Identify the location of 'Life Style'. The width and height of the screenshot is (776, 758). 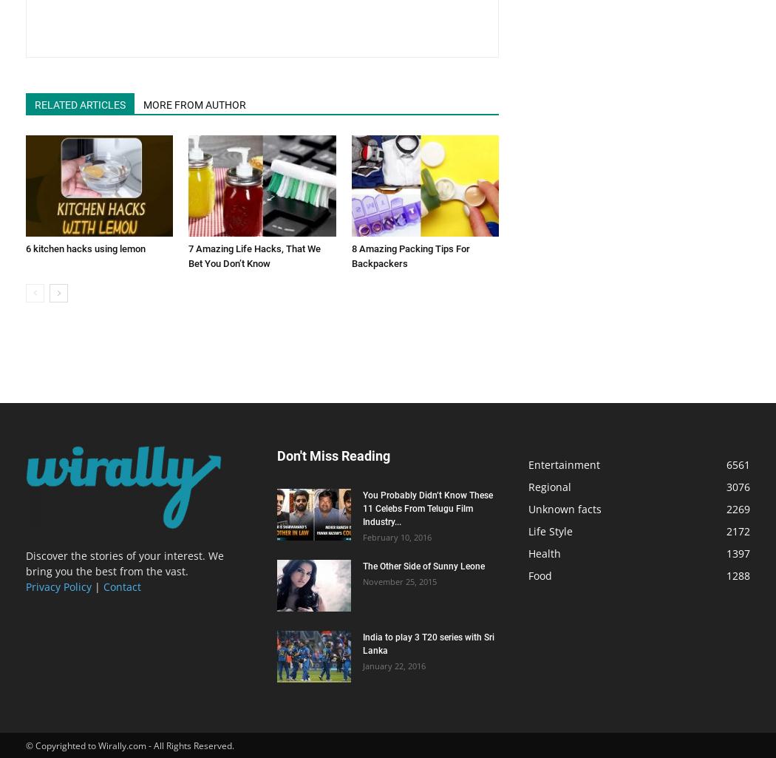
(549, 530).